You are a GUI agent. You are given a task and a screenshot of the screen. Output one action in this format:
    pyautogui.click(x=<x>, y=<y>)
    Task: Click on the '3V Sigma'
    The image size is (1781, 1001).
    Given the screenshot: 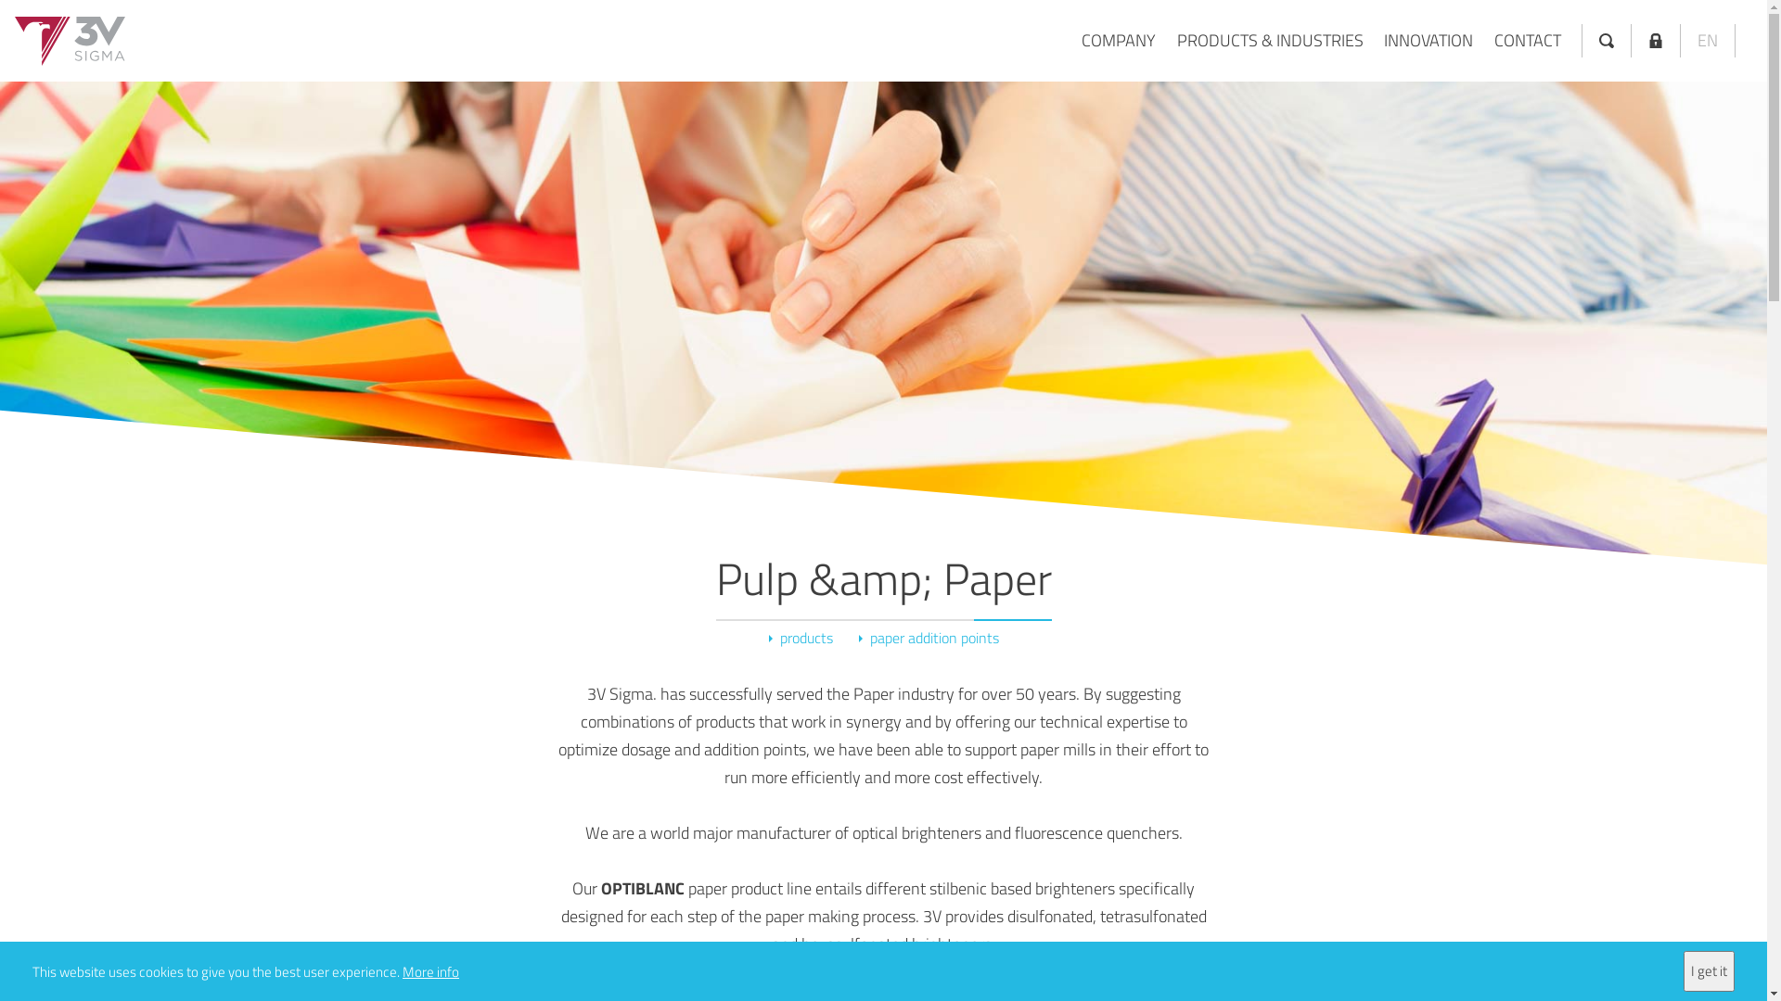 What is the action you would take?
    pyautogui.click(x=70, y=41)
    